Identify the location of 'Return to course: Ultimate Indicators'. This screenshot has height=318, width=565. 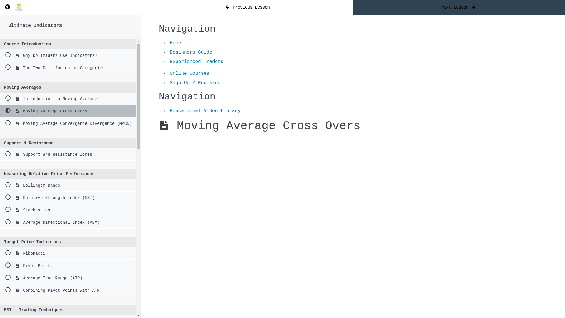
(7, 7).